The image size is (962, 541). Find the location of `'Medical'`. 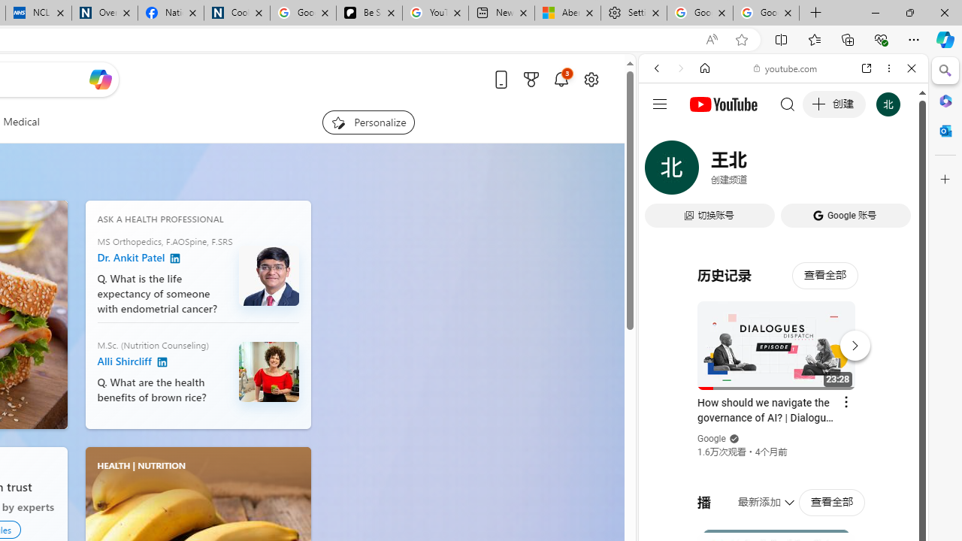

'Medical' is located at coordinates (21, 121).